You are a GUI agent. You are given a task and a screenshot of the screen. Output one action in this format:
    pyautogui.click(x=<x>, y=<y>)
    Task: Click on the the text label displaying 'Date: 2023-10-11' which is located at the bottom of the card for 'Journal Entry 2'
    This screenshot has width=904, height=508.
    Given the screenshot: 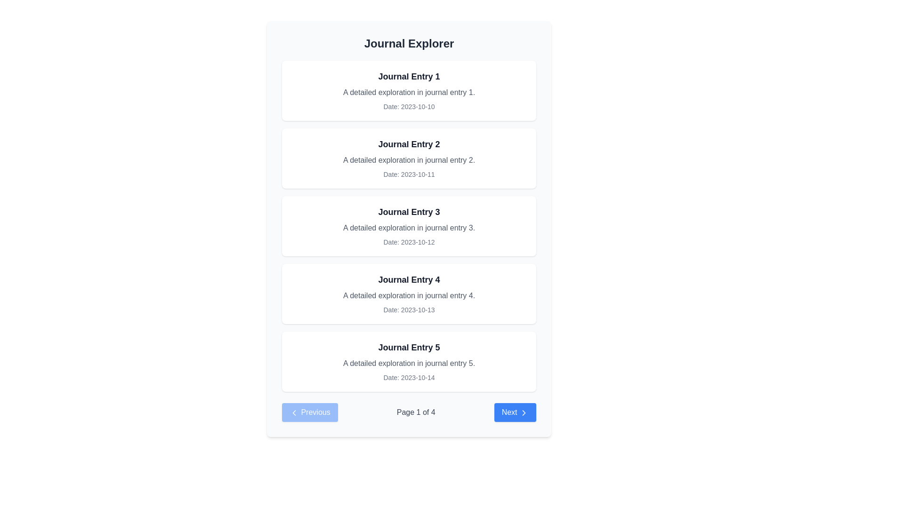 What is the action you would take?
    pyautogui.click(x=409, y=174)
    